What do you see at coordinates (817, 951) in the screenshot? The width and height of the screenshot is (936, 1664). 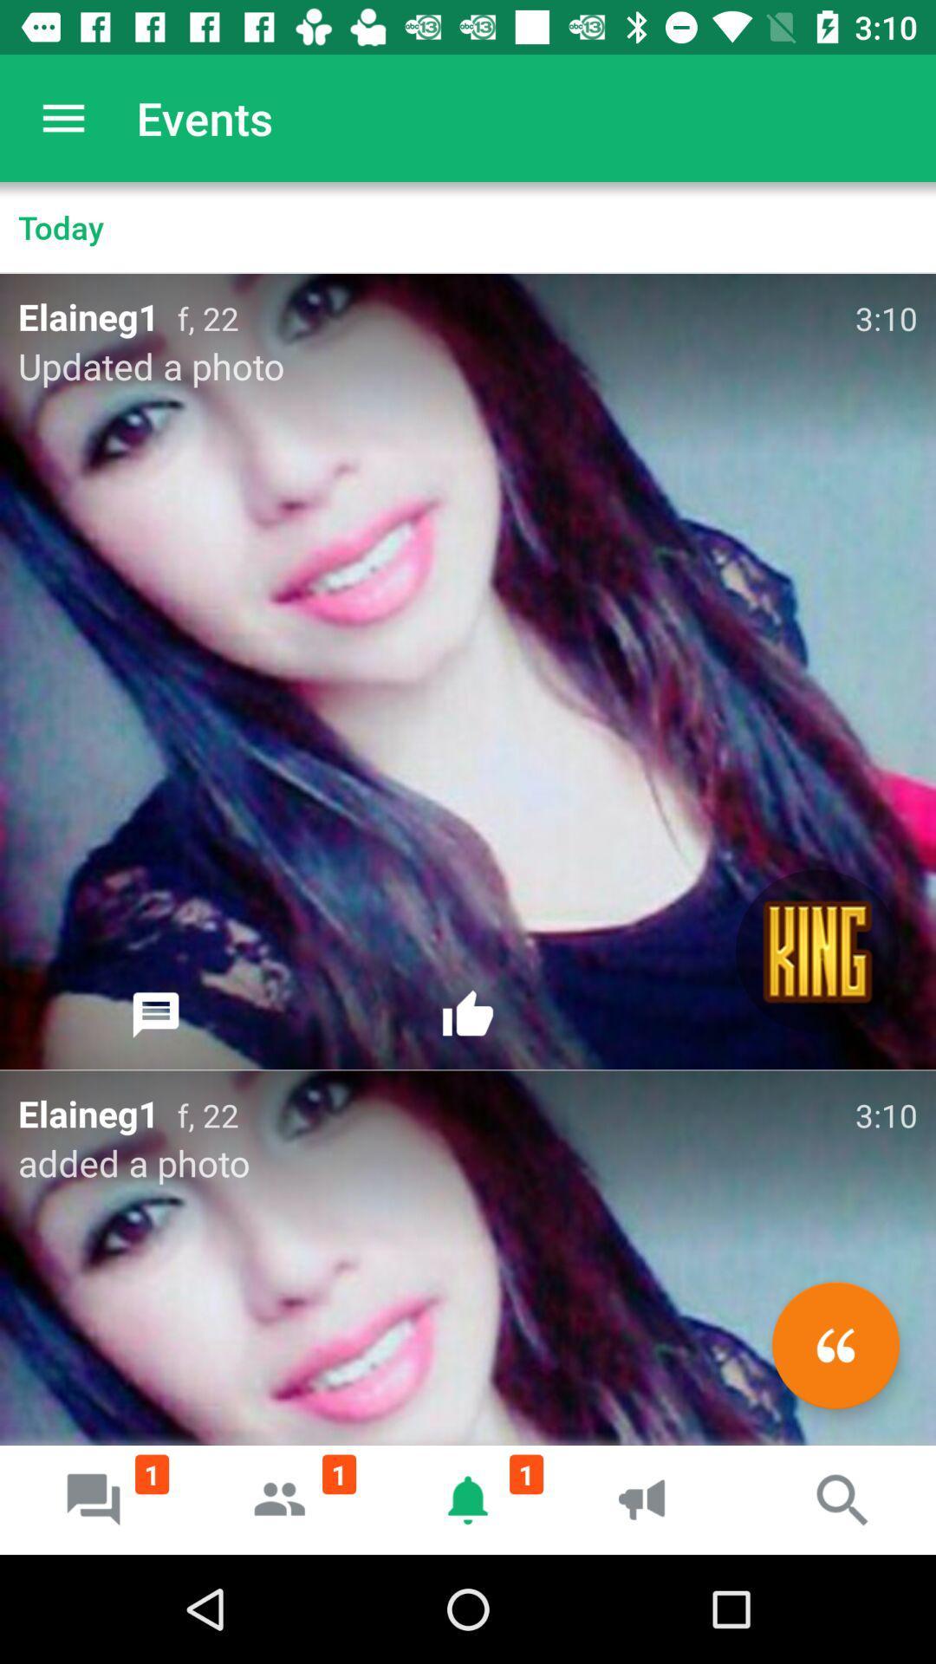 I see `the icon below f, 22 item` at bounding box center [817, 951].